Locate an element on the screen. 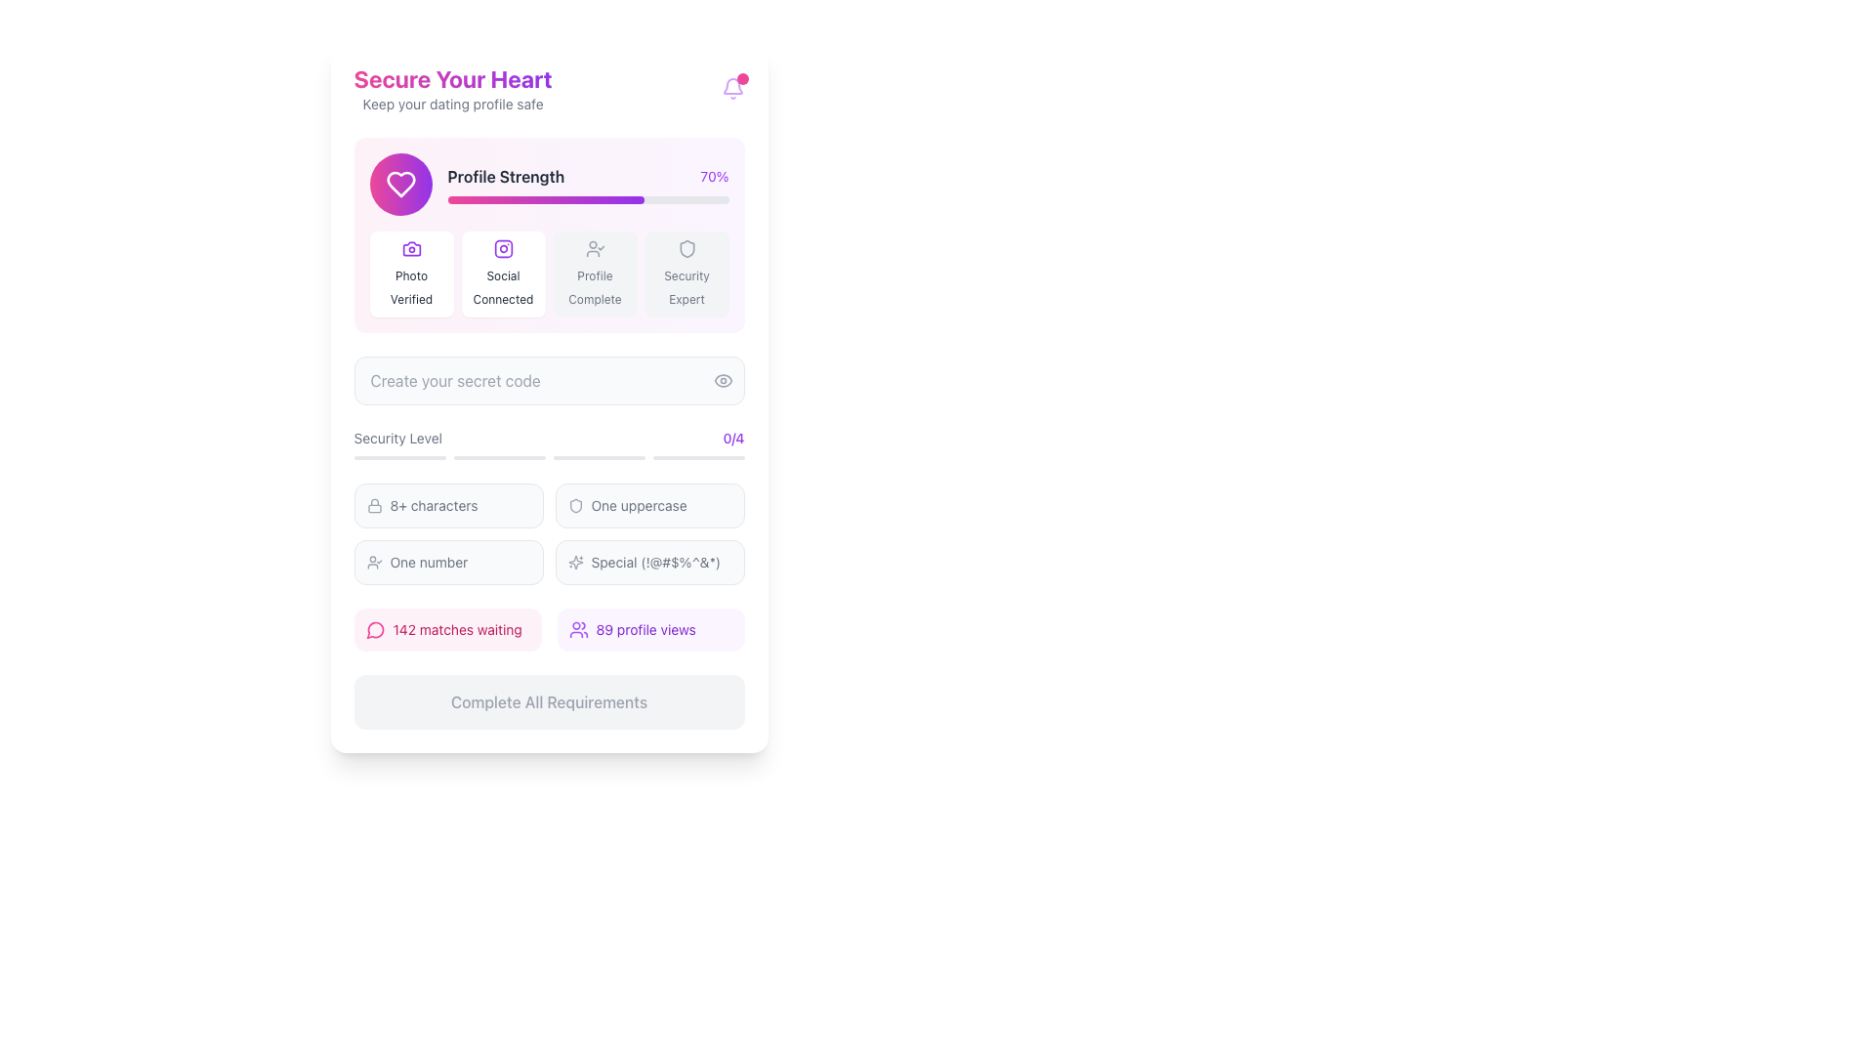 This screenshot has height=1055, width=1875. the Informational indicator with a shield icon and text 'One uppercase' located in the top-right of the Security Level section is located at coordinates (649, 504).